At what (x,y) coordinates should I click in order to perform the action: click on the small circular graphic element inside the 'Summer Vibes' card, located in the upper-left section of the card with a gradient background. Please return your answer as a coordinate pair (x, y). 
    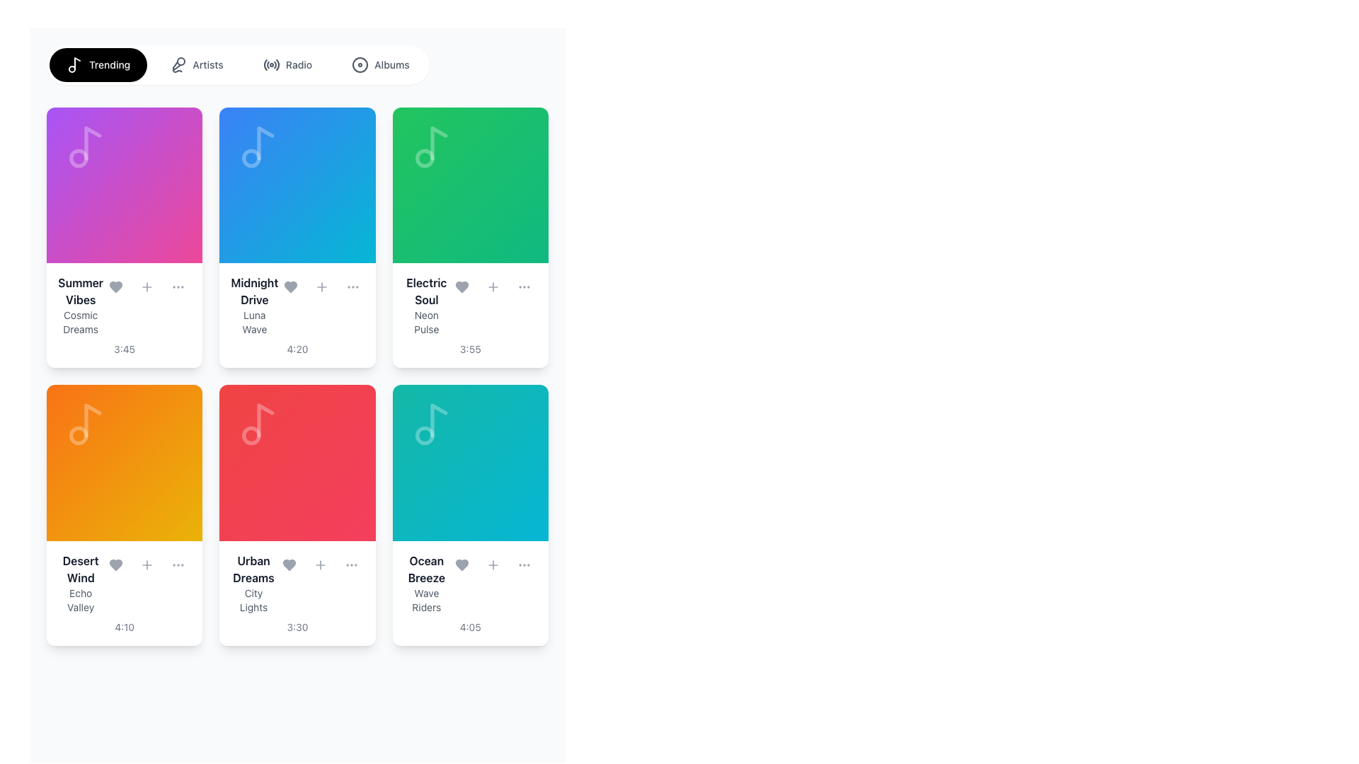
    Looking at the image, I should click on (78, 158).